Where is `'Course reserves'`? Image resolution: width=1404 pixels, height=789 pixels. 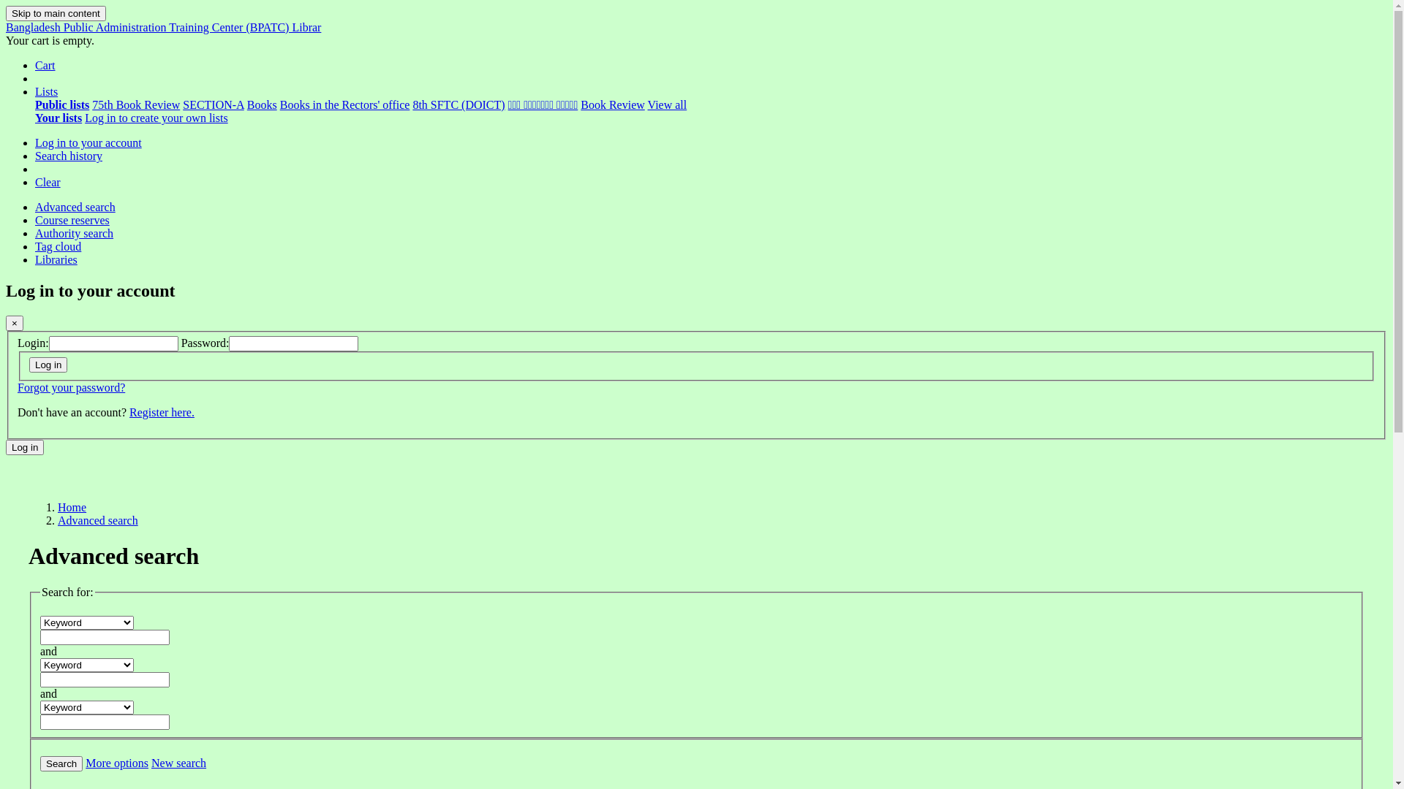 'Course reserves' is located at coordinates (72, 220).